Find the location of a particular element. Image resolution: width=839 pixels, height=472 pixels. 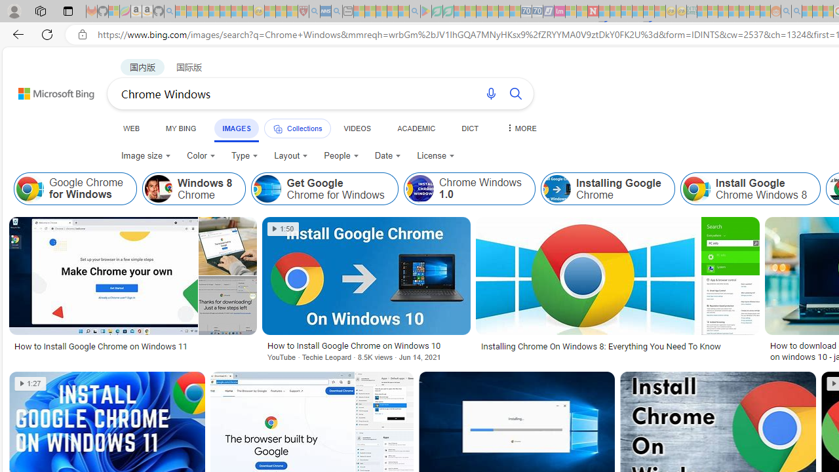

'DICT' is located at coordinates (470, 128).